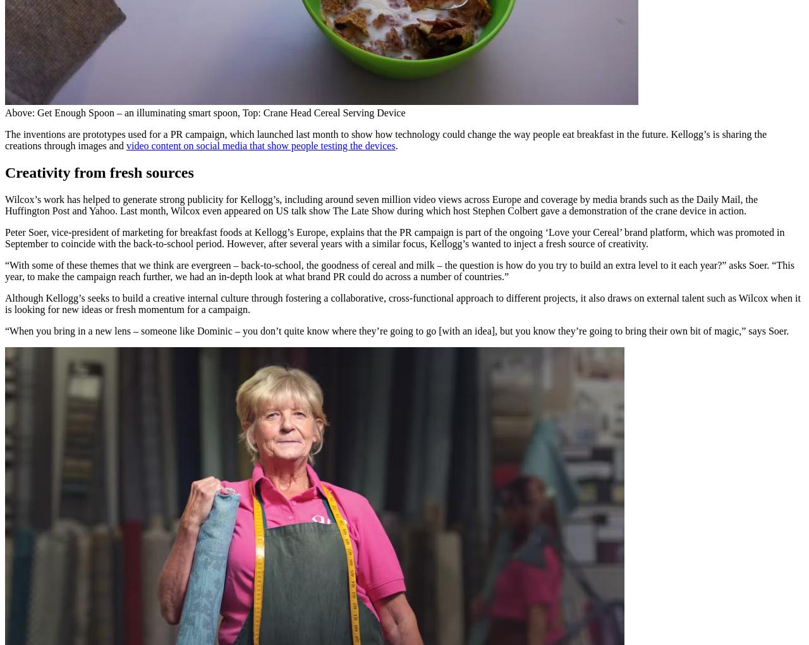 Image resolution: width=809 pixels, height=645 pixels. I want to click on 'Creativity from fresh sources', so click(99, 171).